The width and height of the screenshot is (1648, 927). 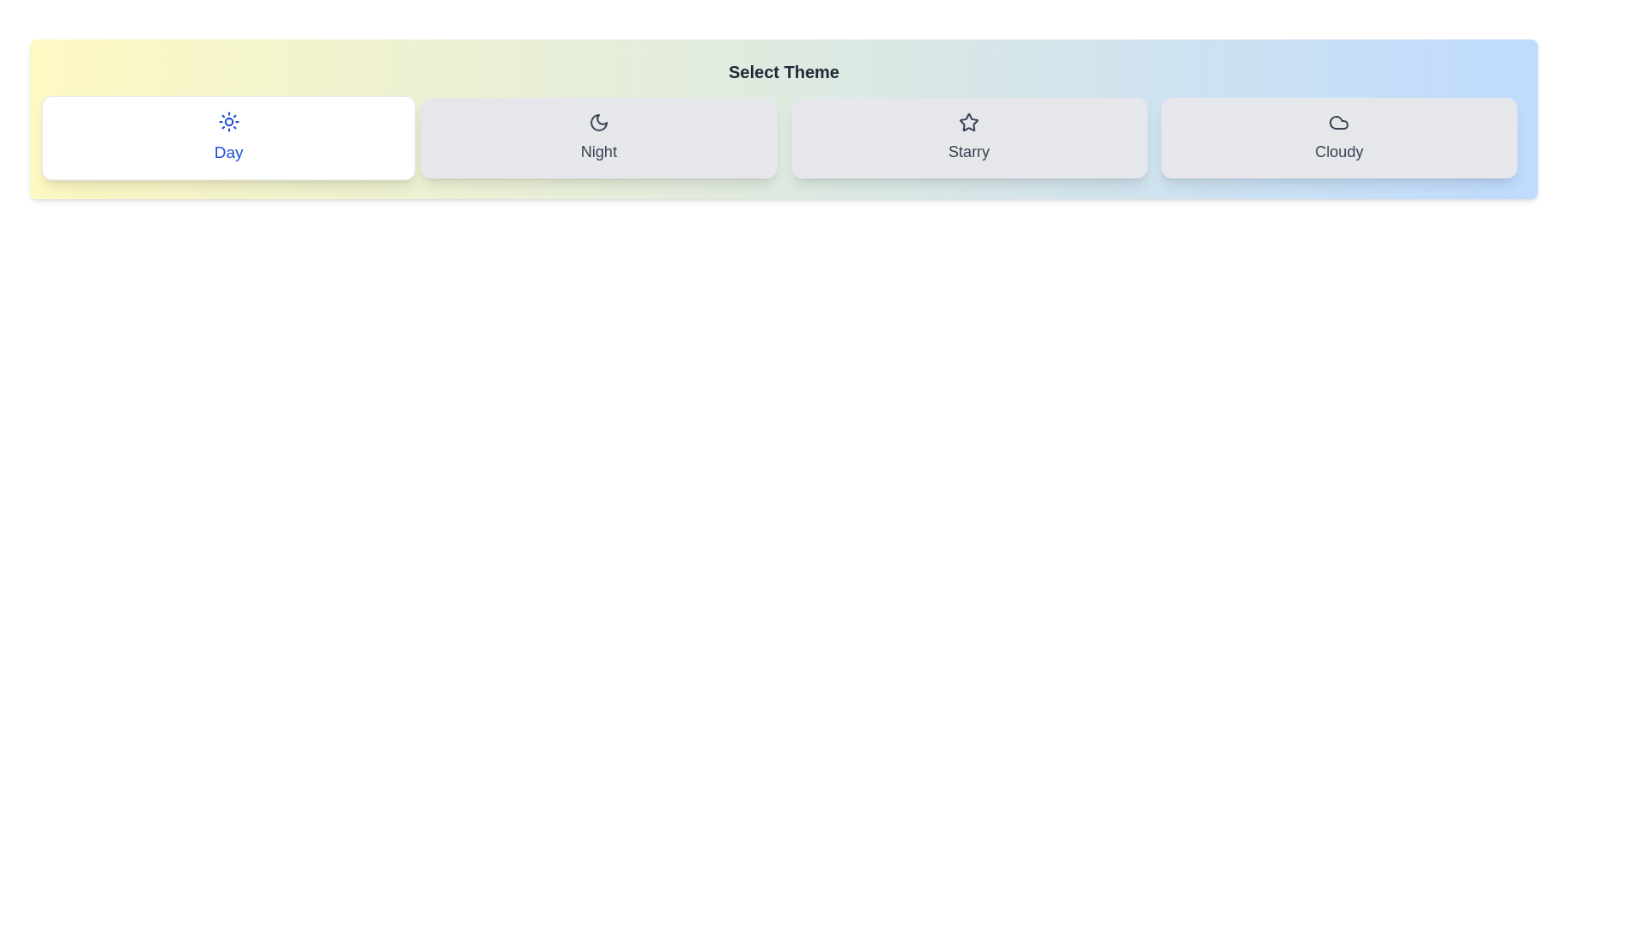 I want to click on the button corresponding to the Day theme, so click(x=227, y=137).